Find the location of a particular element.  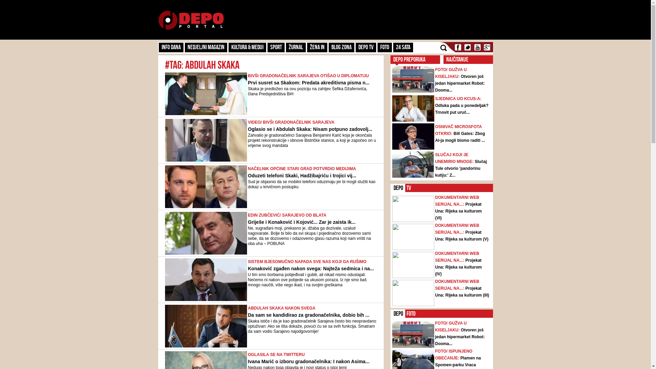

'DOKUMENTARNI WEB SERIJAL NA...:' is located at coordinates (435, 285).